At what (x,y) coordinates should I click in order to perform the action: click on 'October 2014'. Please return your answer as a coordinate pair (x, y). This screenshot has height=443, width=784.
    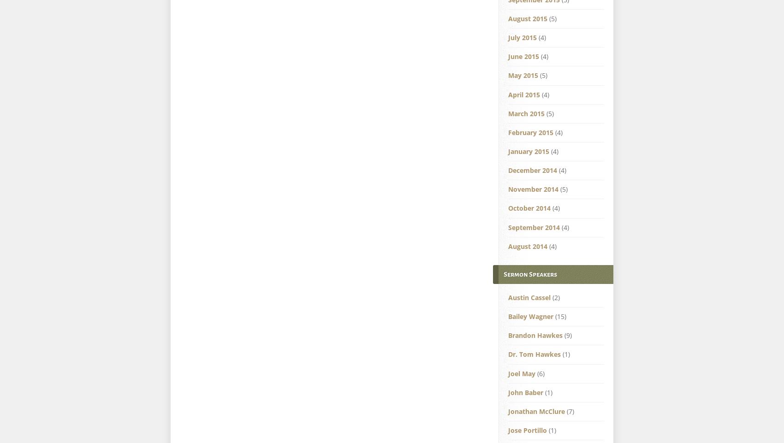
    Looking at the image, I should click on (529, 207).